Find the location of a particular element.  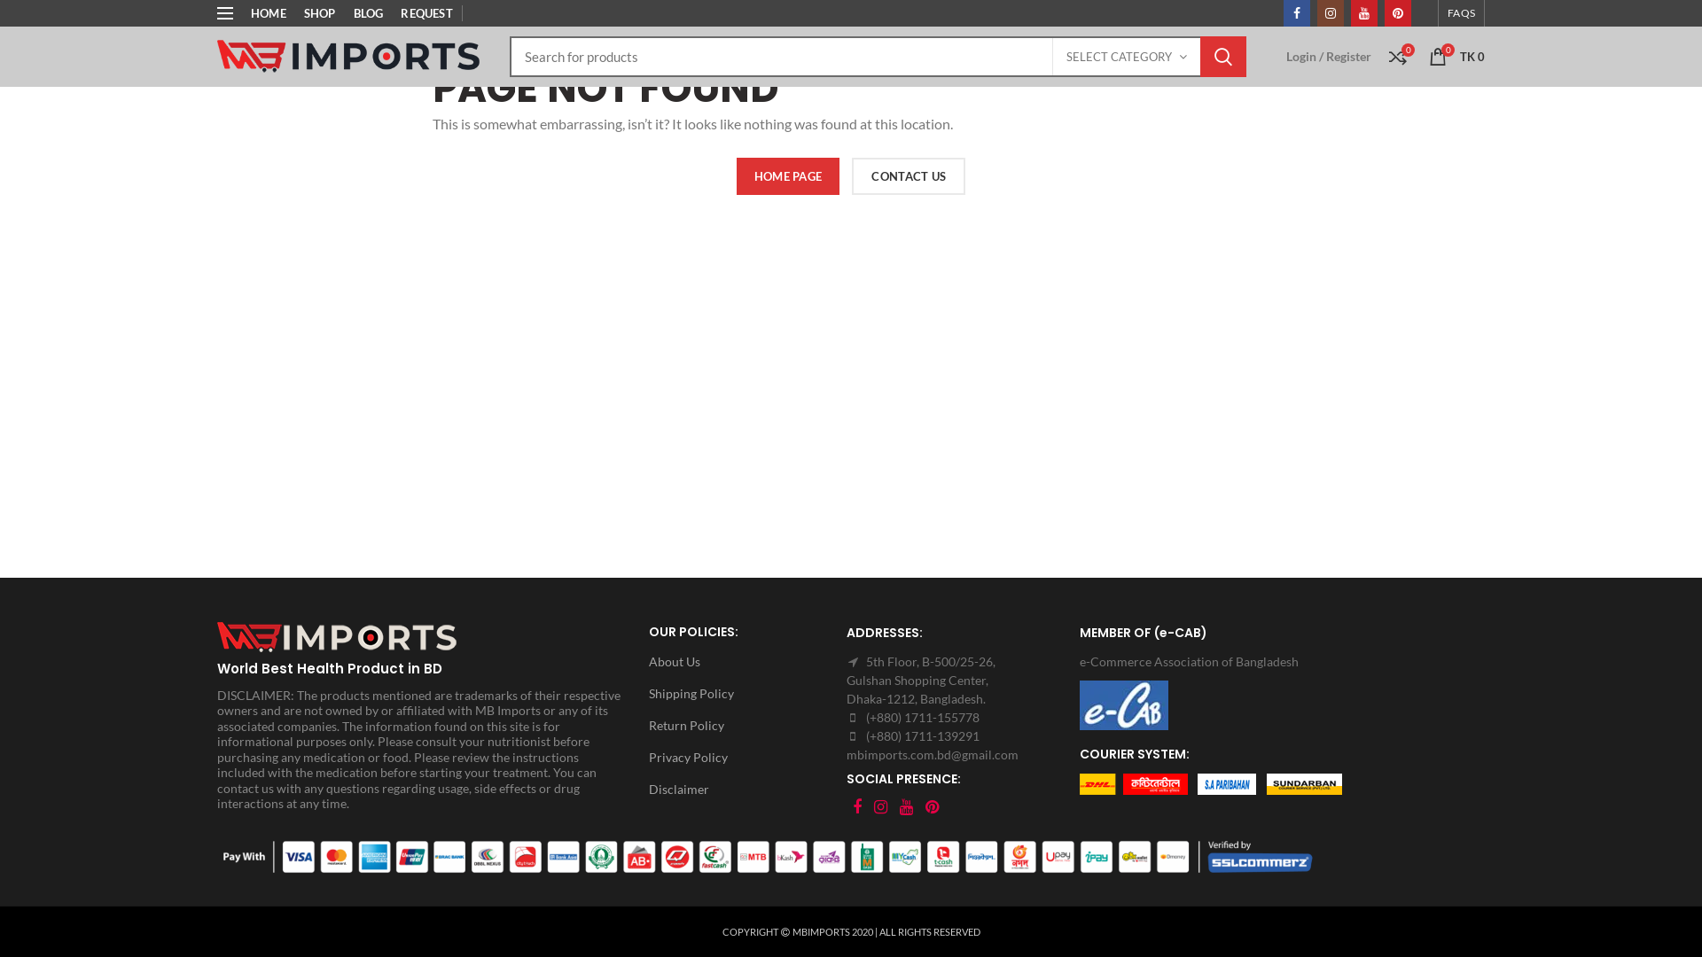

'SELECT CATEGORY' is located at coordinates (1126, 56).